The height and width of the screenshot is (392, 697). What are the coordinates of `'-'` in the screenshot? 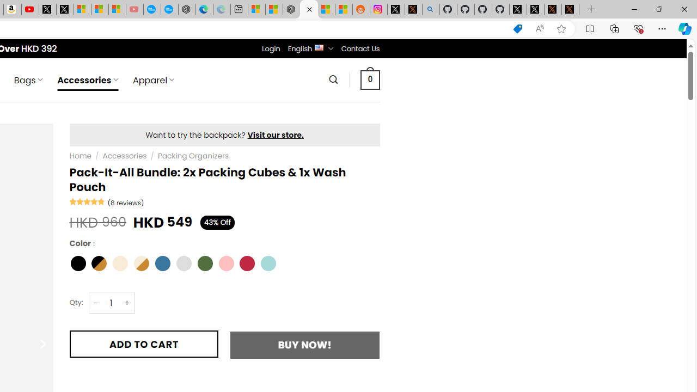 It's located at (96, 303).